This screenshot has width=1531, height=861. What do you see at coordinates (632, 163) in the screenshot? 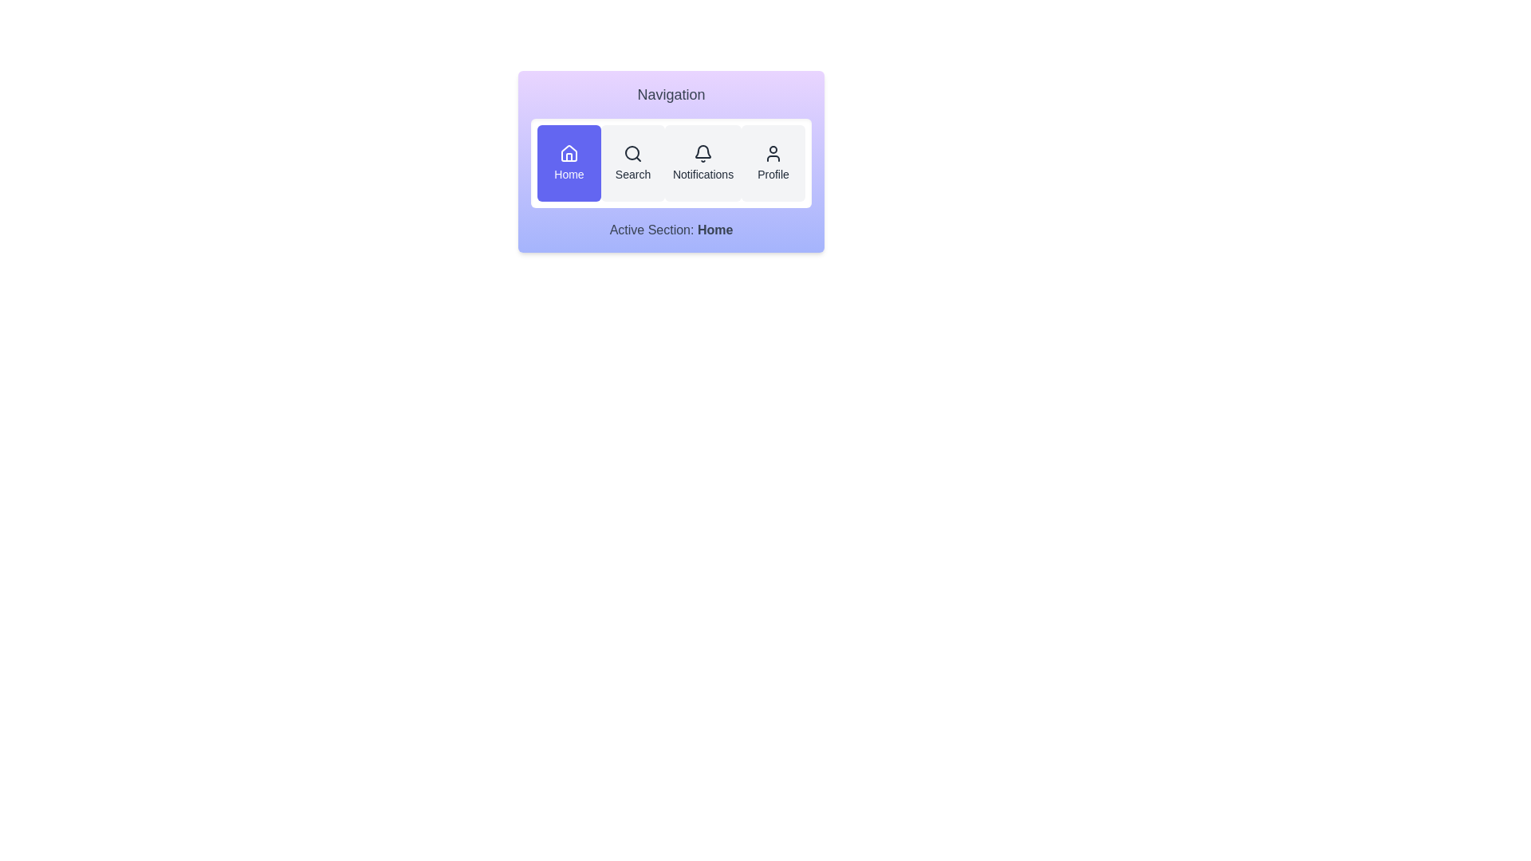
I see `the Search button to activate the corresponding section` at bounding box center [632, 163].